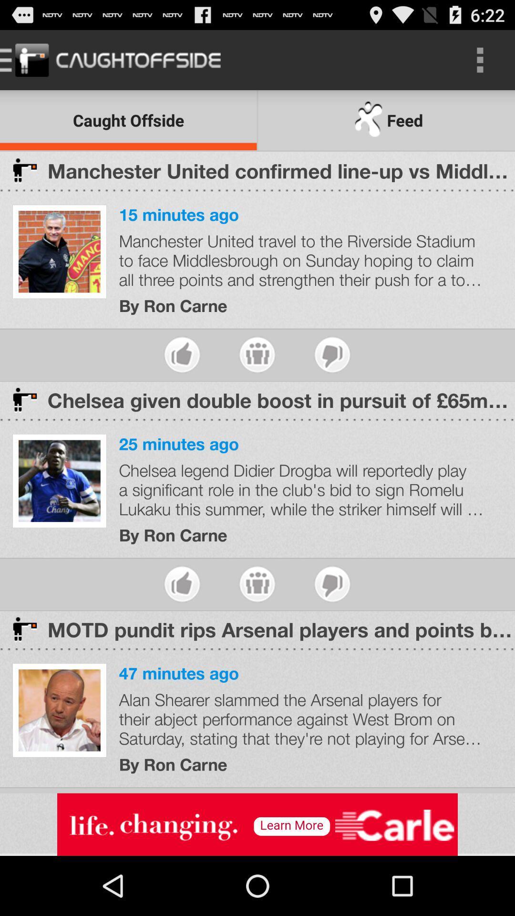 The image size is (515, 916). What do you see at coordinates (182, 583) in the screenshot?
I see `like` at bounding box center [182, 583].